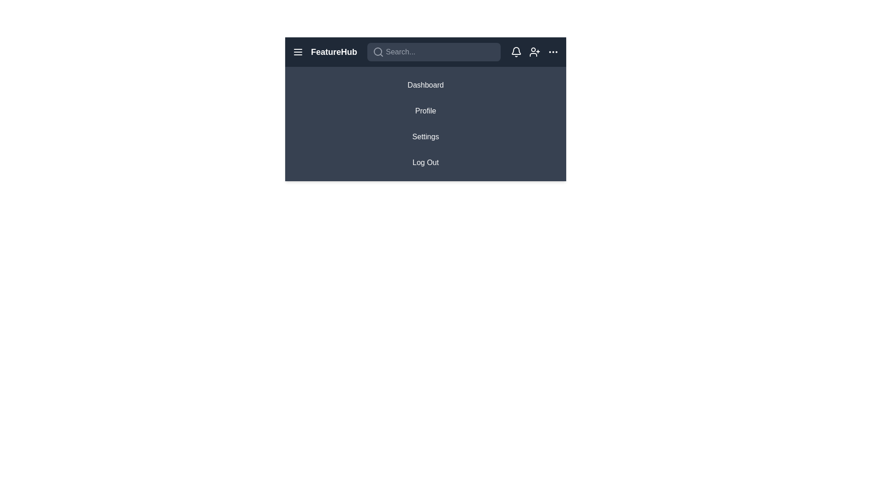  Describe the element at coordinates (534, 52) in the screenshot. I see `the add/invite icon located in the upper-right corner of the interface, which is the third icon from the left, positioned between the bell icon and the vertical ellipsis icon` at that location.